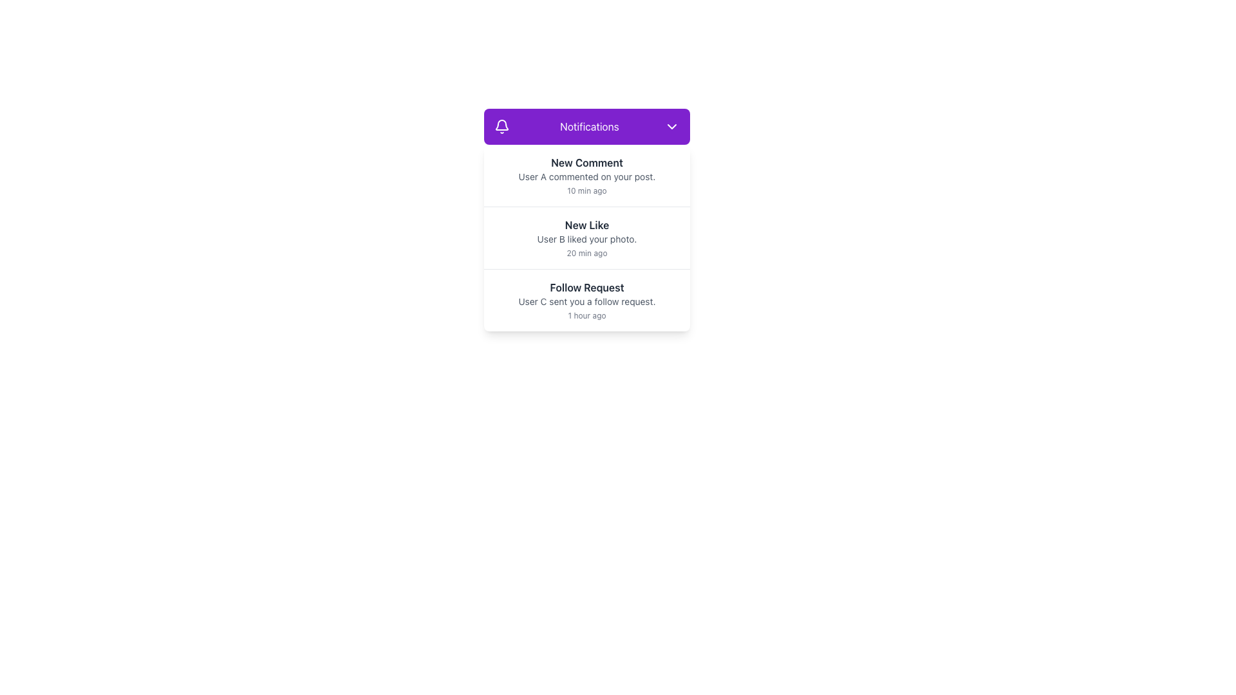 The height and width of the screenshot is (695, 1236). Describe the element at coordinates (586, 287) in the screenshot. I see `text element that serves as the title of a notification entry, located below 'New Like' and above the timestamp '1 hour ago'` at that location.